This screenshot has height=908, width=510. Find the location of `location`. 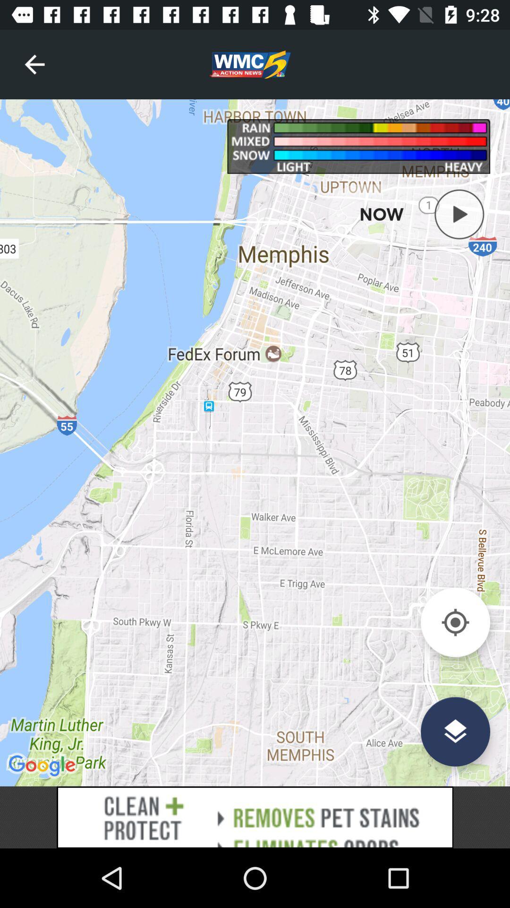

location is located at coordinates (455, 622).